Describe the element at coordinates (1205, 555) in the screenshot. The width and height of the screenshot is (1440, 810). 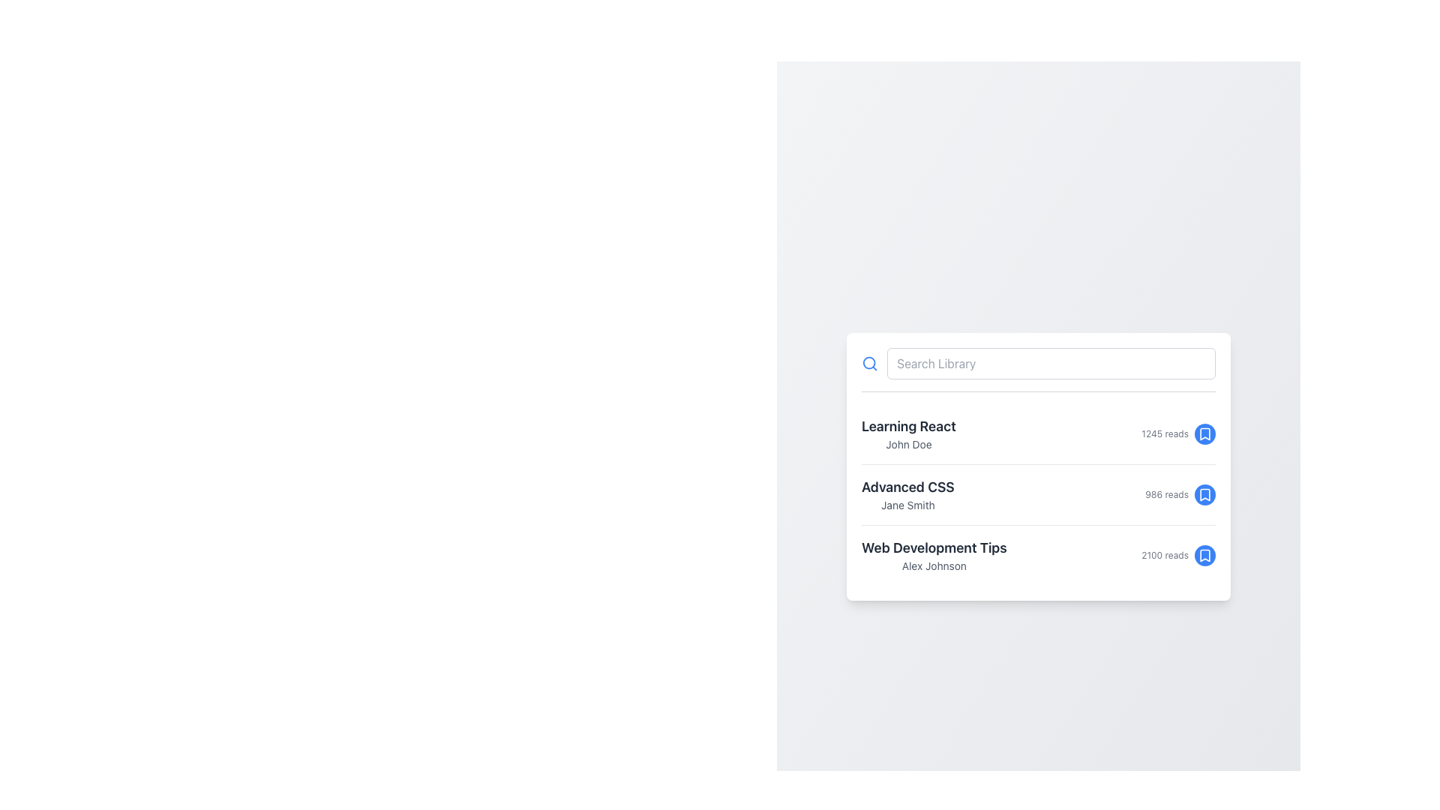
I see `the bookmark icon, which is styled with a blue circular background and a white folded corner flag, located on the rightmost part of the third list item in a vertical list of articles` at that location.